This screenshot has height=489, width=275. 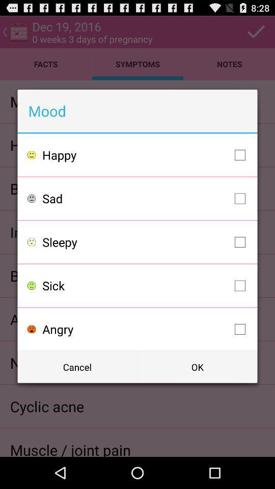 What do you see at coordinates (146, 242) in the screenshot?
I see `item above sick icon` at bounding box center [146, 242].